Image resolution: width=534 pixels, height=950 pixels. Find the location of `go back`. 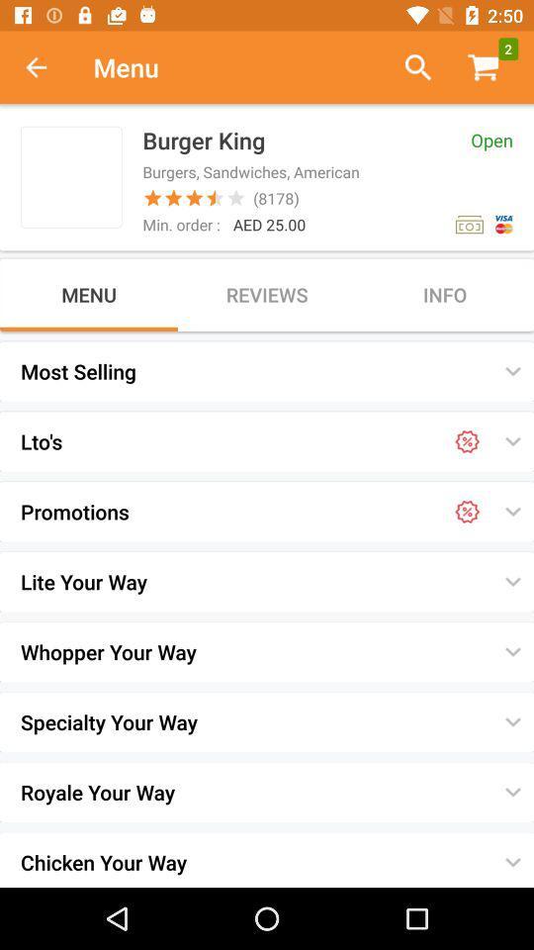

go back is located at coordinates (46, 67).